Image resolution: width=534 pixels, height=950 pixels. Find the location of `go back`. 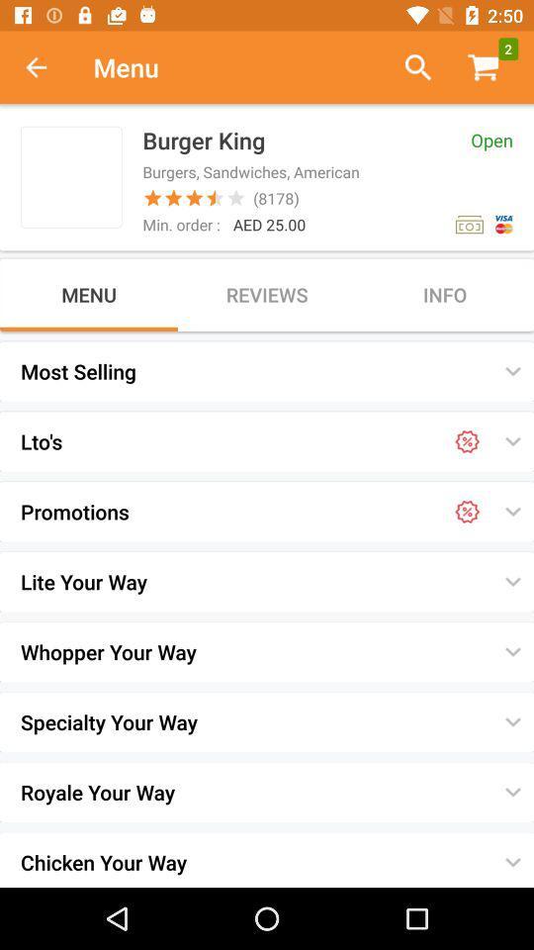

go back is located at coordinates (46, 67).